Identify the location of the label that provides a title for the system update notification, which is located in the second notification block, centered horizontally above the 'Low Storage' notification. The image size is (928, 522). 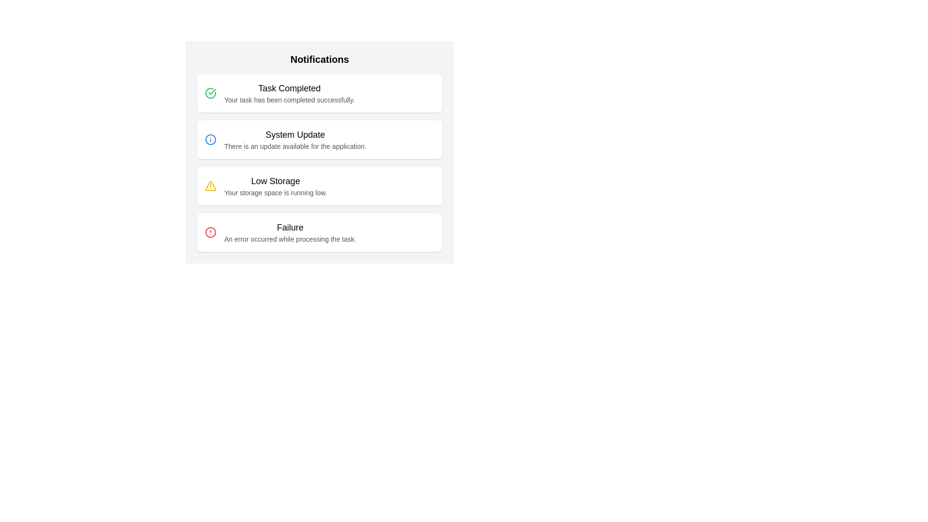
(295, 134).